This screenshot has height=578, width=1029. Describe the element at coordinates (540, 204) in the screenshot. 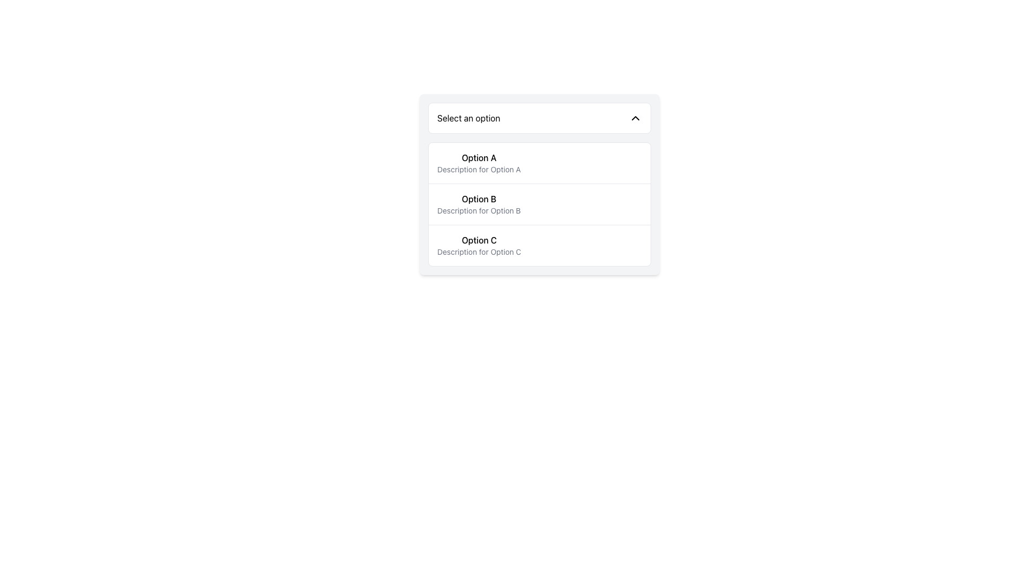

I see `the selectable option labeled 'Option B' in the dropdown list` at that location.